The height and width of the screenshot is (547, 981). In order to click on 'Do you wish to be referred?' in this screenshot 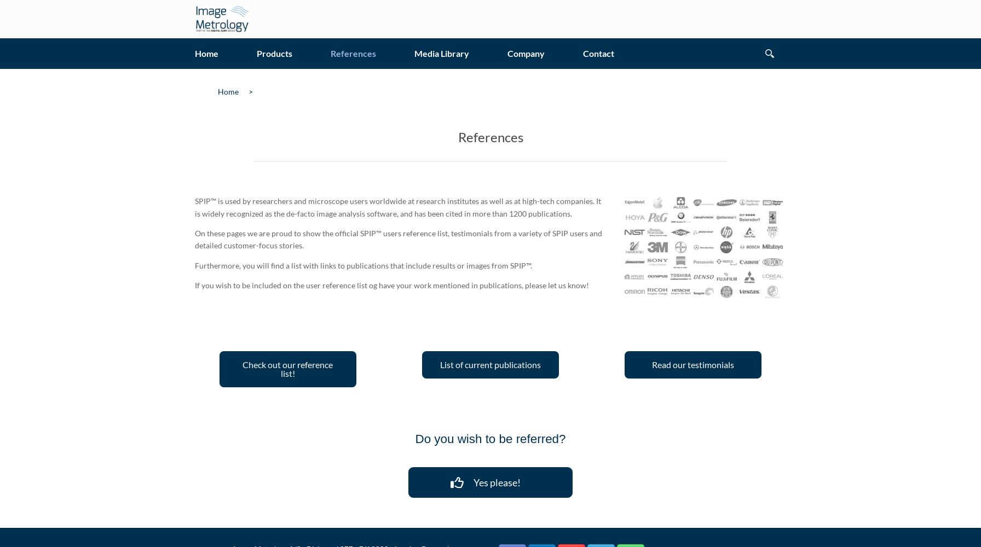, I will do `click(490, 439)`.